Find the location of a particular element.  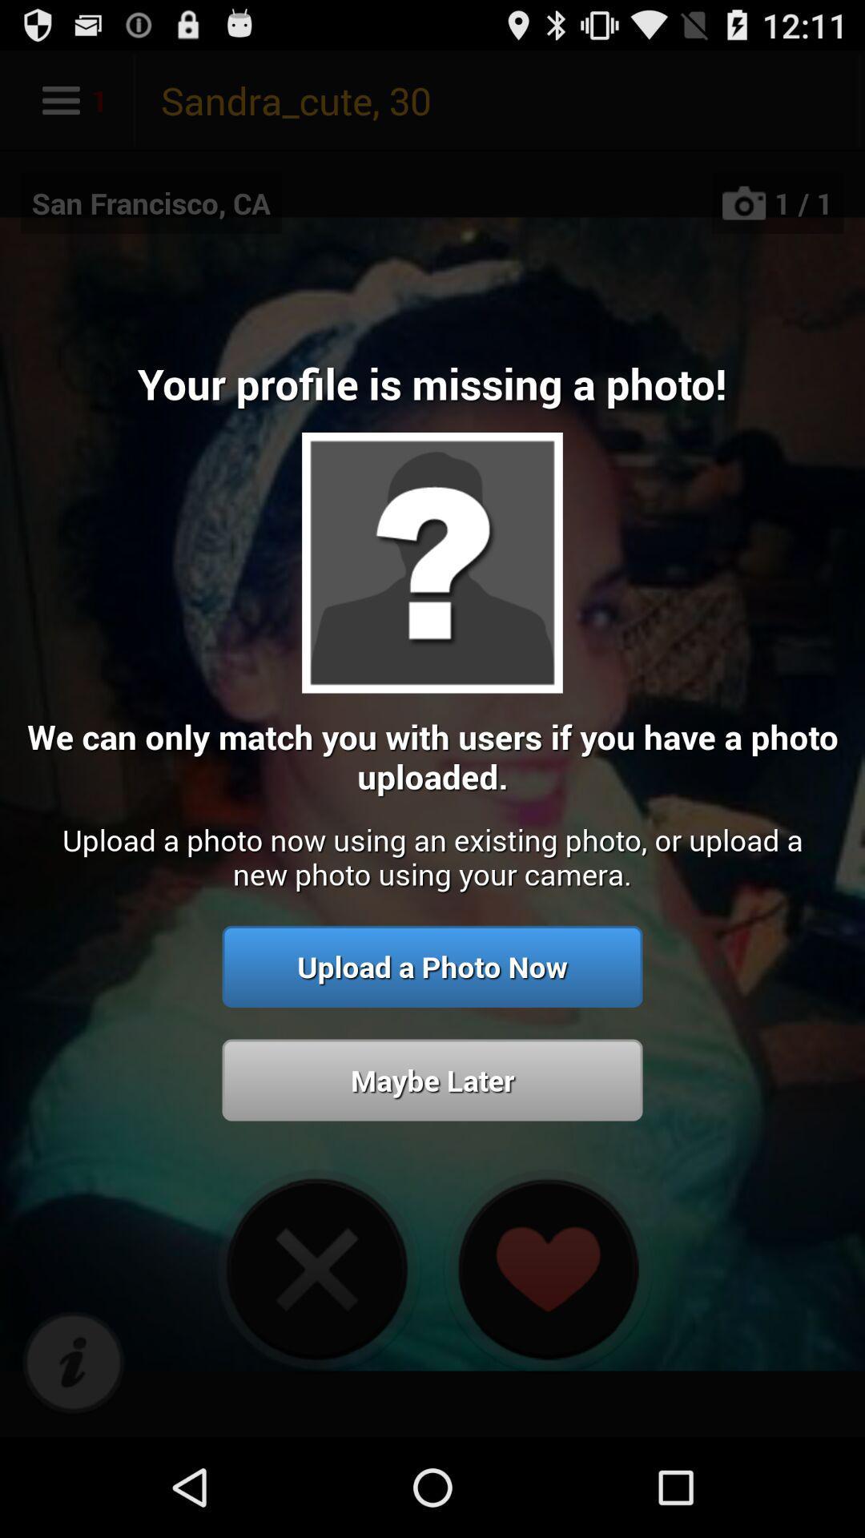

shows exit option is located at coordinates (316, 1268).